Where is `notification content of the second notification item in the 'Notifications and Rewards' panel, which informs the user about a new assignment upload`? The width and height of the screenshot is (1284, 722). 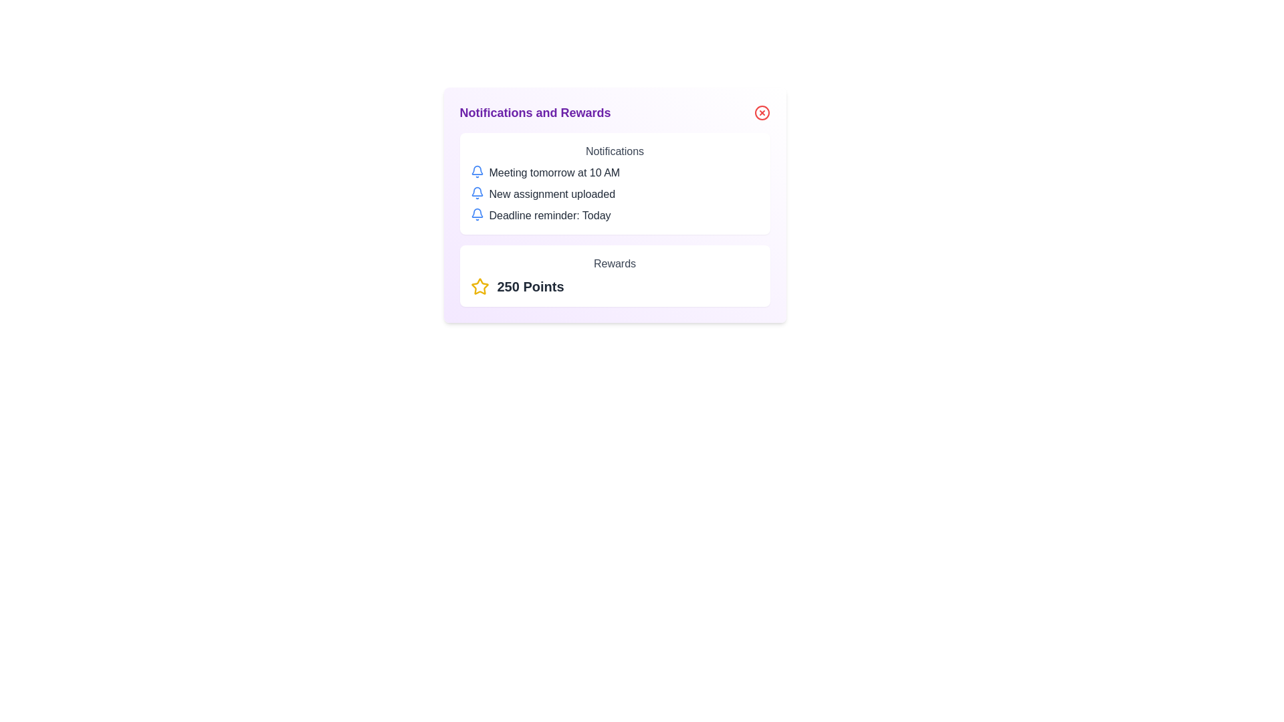 notification content of the second notification item in the 'Notifications and Rewards' panel, which informs the user about a new assignment upload is located at coordinates (614, 194).